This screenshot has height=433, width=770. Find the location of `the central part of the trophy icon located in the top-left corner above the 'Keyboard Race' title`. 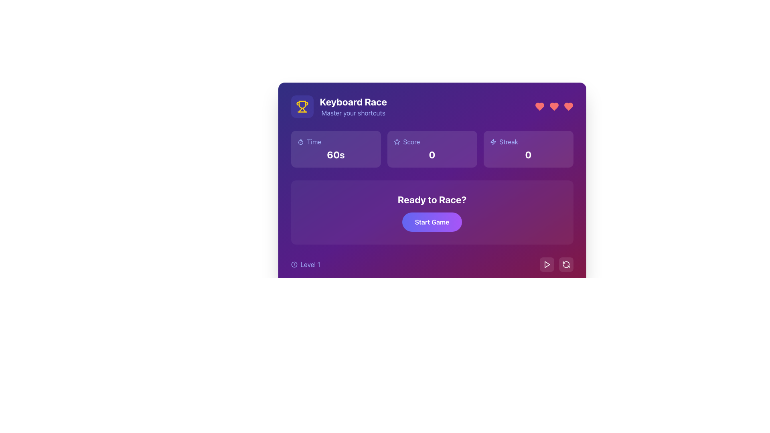

the central part of the trophy icon located in the top-left corner above the 'Keyboard Race' title is located at coordinates (302, 104).